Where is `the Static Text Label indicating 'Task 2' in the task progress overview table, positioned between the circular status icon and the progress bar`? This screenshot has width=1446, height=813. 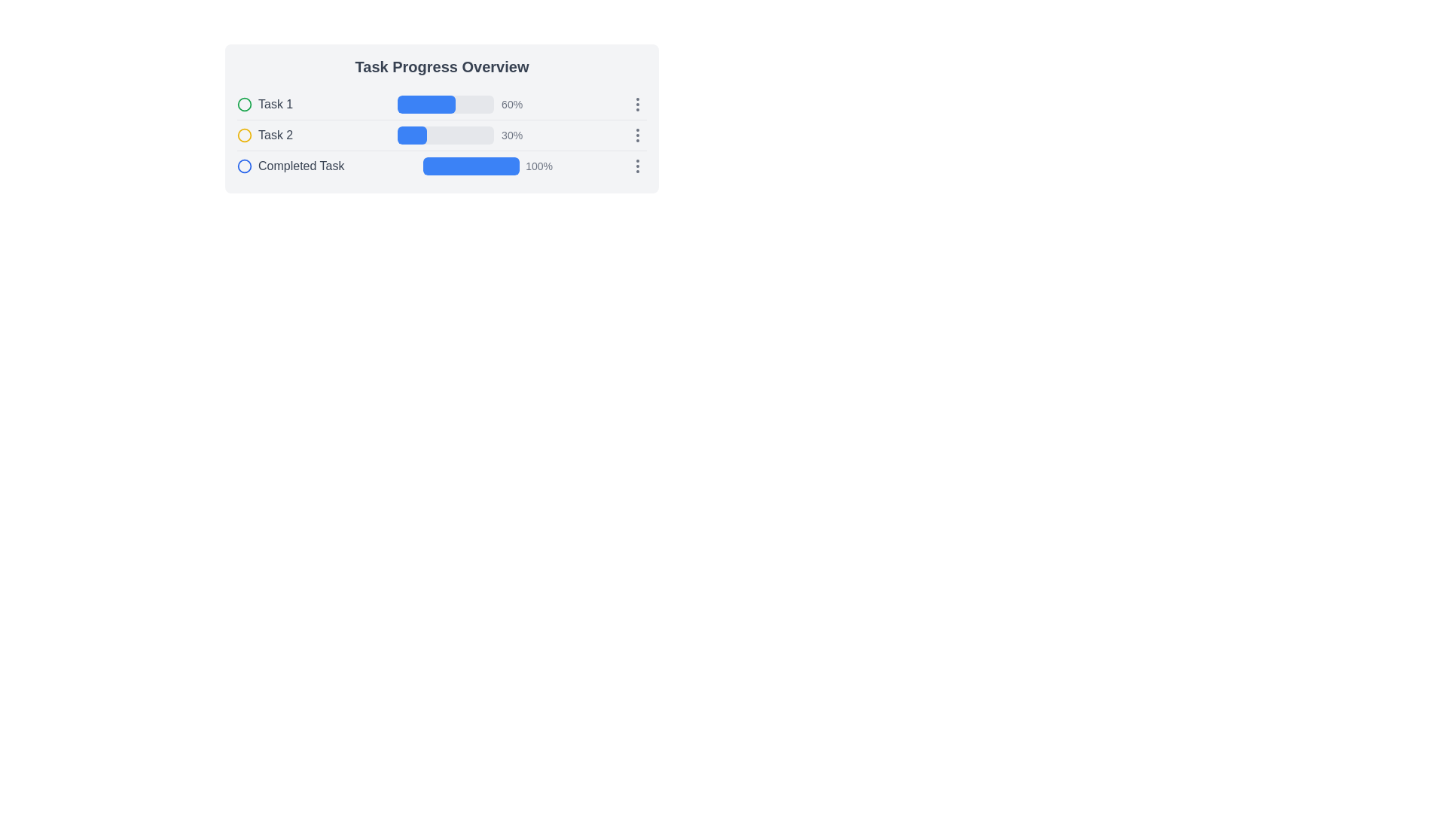 the Static Text Label indicating 'Task 2' in the task progress overview table, positioned between the circular status icon and the progress bar is located at coordinates (276, 135).